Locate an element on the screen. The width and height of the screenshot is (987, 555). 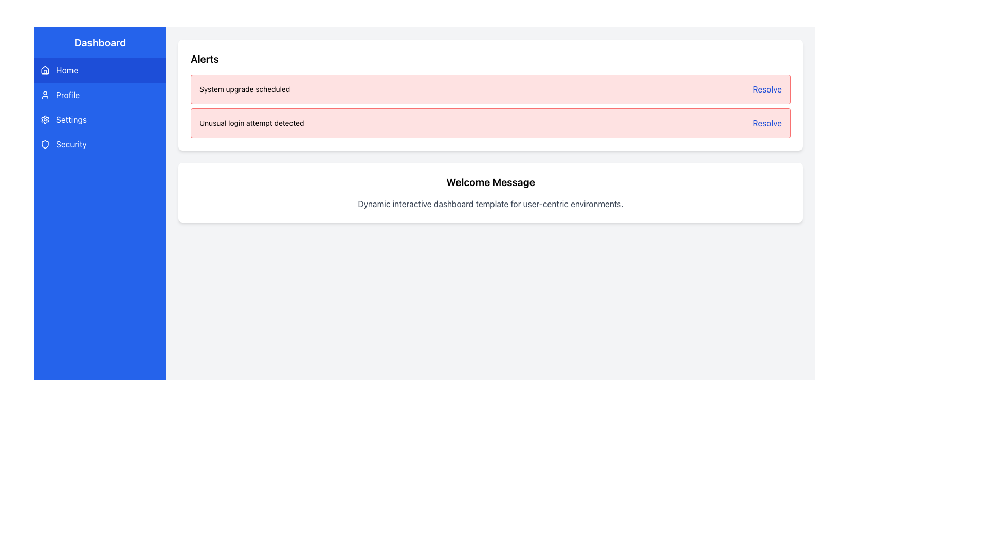
the 'Home' icon located at the top of the sidebar menu is located at coordinates (44, 70).